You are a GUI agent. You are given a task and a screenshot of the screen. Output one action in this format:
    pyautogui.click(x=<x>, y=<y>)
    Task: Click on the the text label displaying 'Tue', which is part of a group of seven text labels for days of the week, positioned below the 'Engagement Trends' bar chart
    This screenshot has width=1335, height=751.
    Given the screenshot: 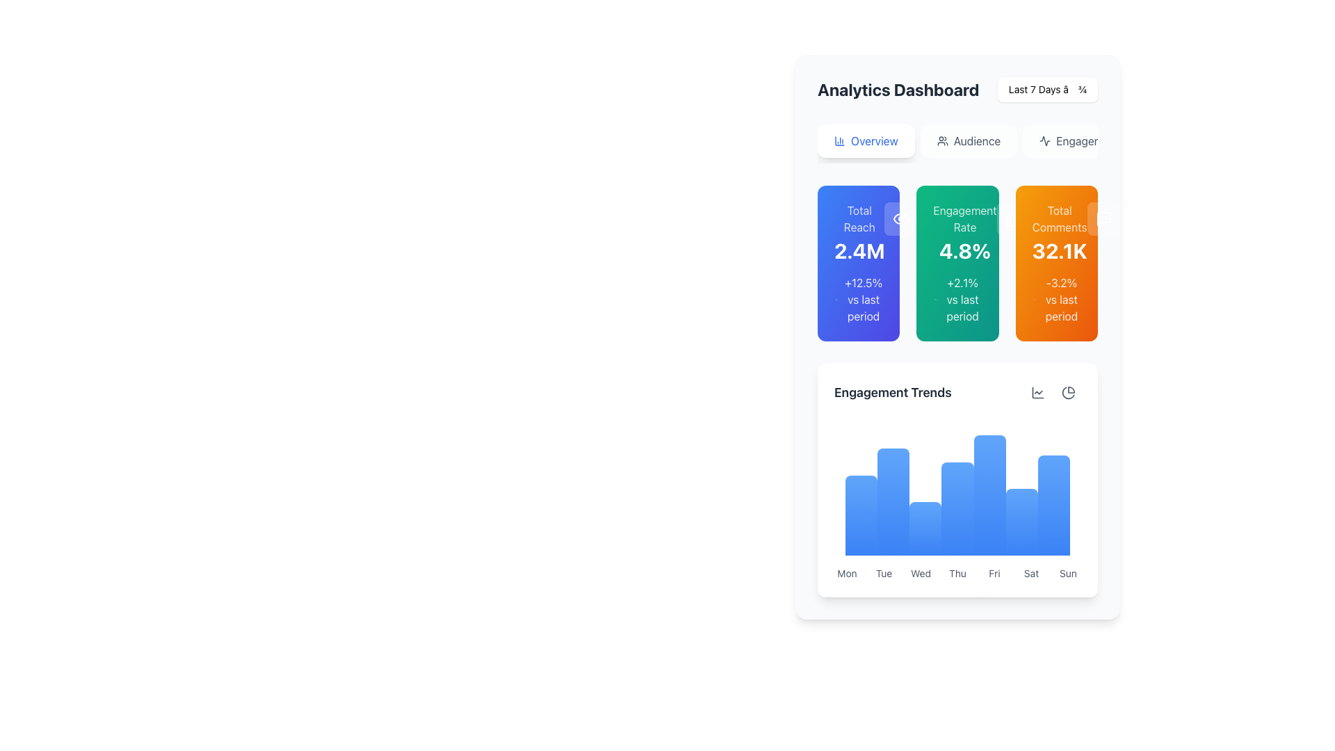 What is the action you would take?
    pyautogui.click(x=883, y=574)
    